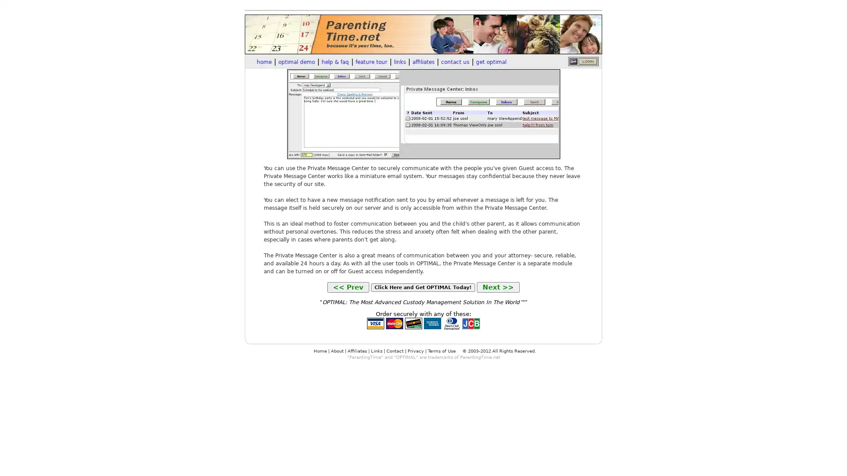 The image size is (847, 476). I want to click on << Prev, so click(348, 287).